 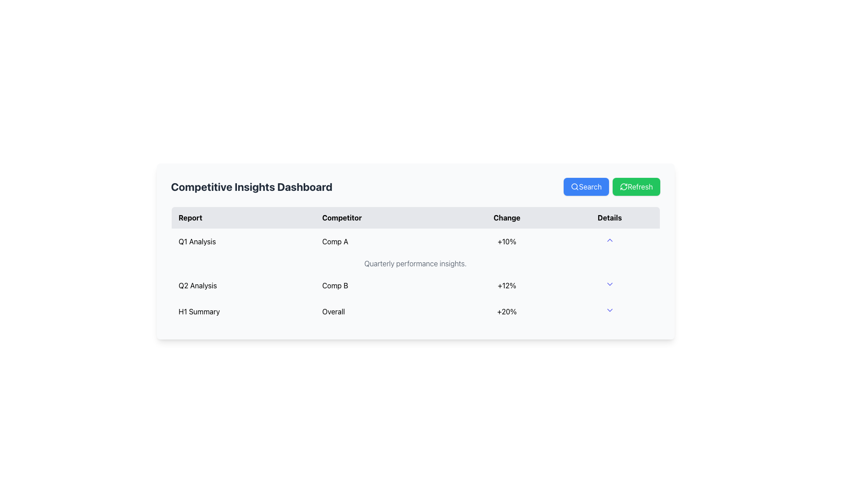 I want to click on the text label displaying '+10%' in bold, centered within the 'Change' column of the table, located in the second row under 'Q1 Analysis', so click(x=507, y=241).